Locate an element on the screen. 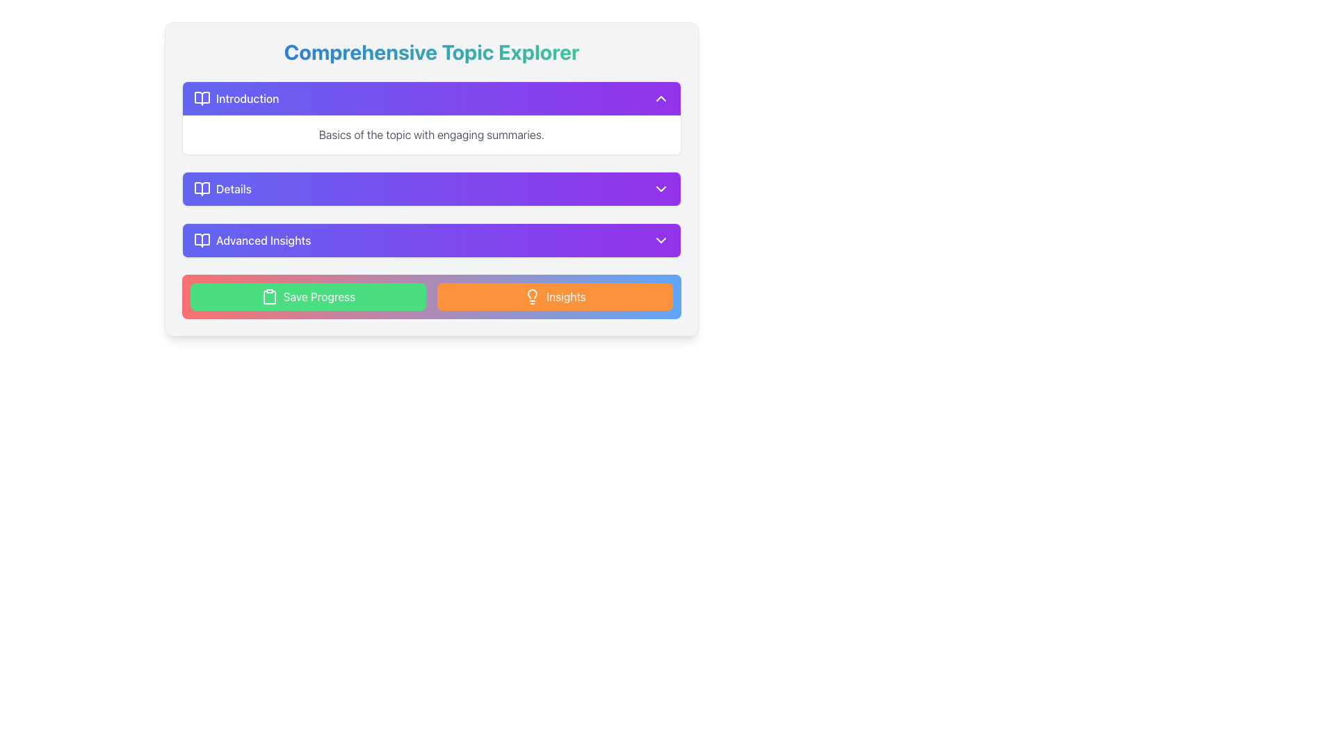  the 'Advanced Insights' text label with an open book icon, which is the third row in the list under 'Comprehensive Topic Explorer' is located at coordinates (252, 240).